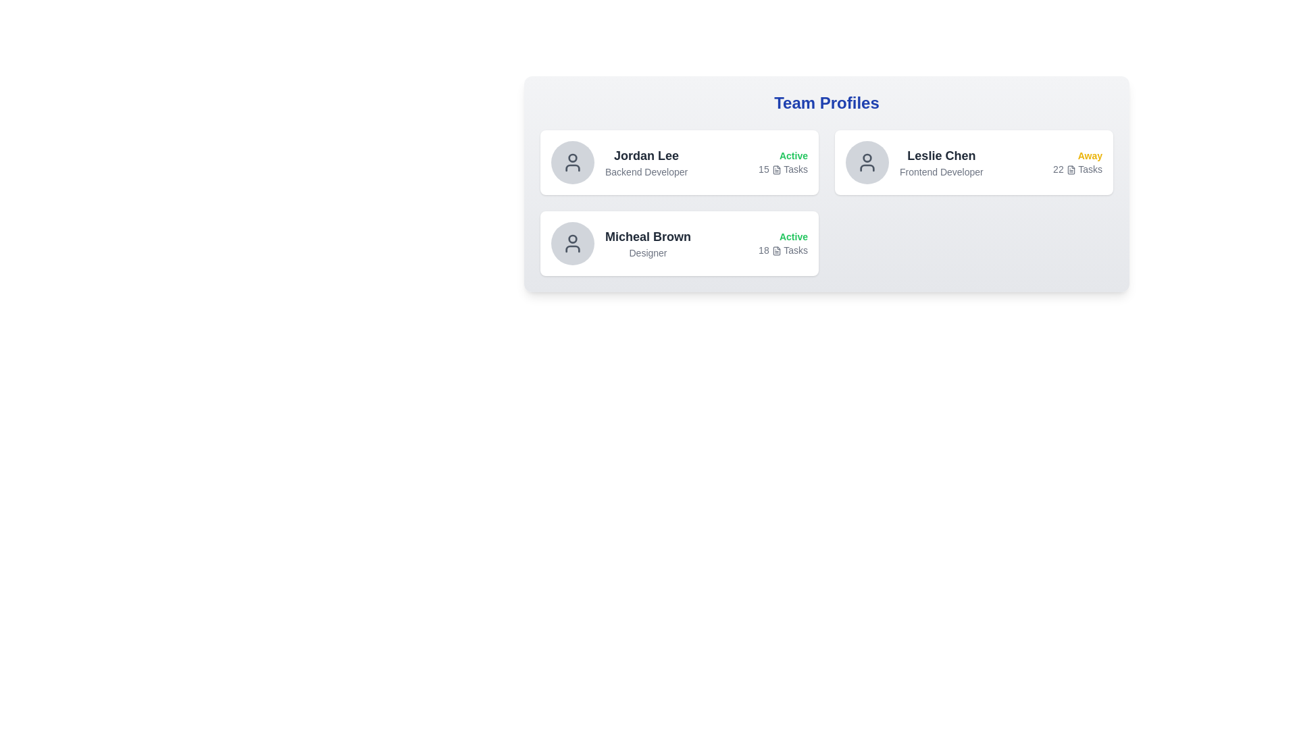  What do you see at coordinates (867, 157) in the screenshot?
I see `the profile picture icon for 'Leslie Chen' located at the top of the second profile card on the right side of the page layout` at bounding box center [867, 157].